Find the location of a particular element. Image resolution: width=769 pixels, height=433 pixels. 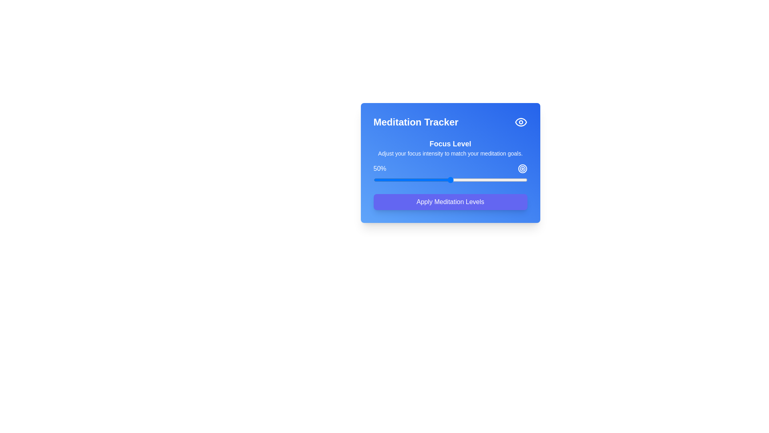

the focus level is located at coordinates (428, 179).